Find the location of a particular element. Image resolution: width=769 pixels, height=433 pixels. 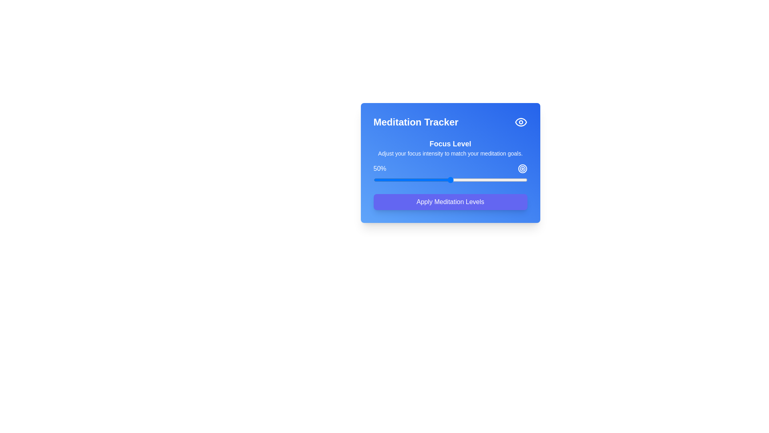

the focus level is located at coordinates (428, 179).